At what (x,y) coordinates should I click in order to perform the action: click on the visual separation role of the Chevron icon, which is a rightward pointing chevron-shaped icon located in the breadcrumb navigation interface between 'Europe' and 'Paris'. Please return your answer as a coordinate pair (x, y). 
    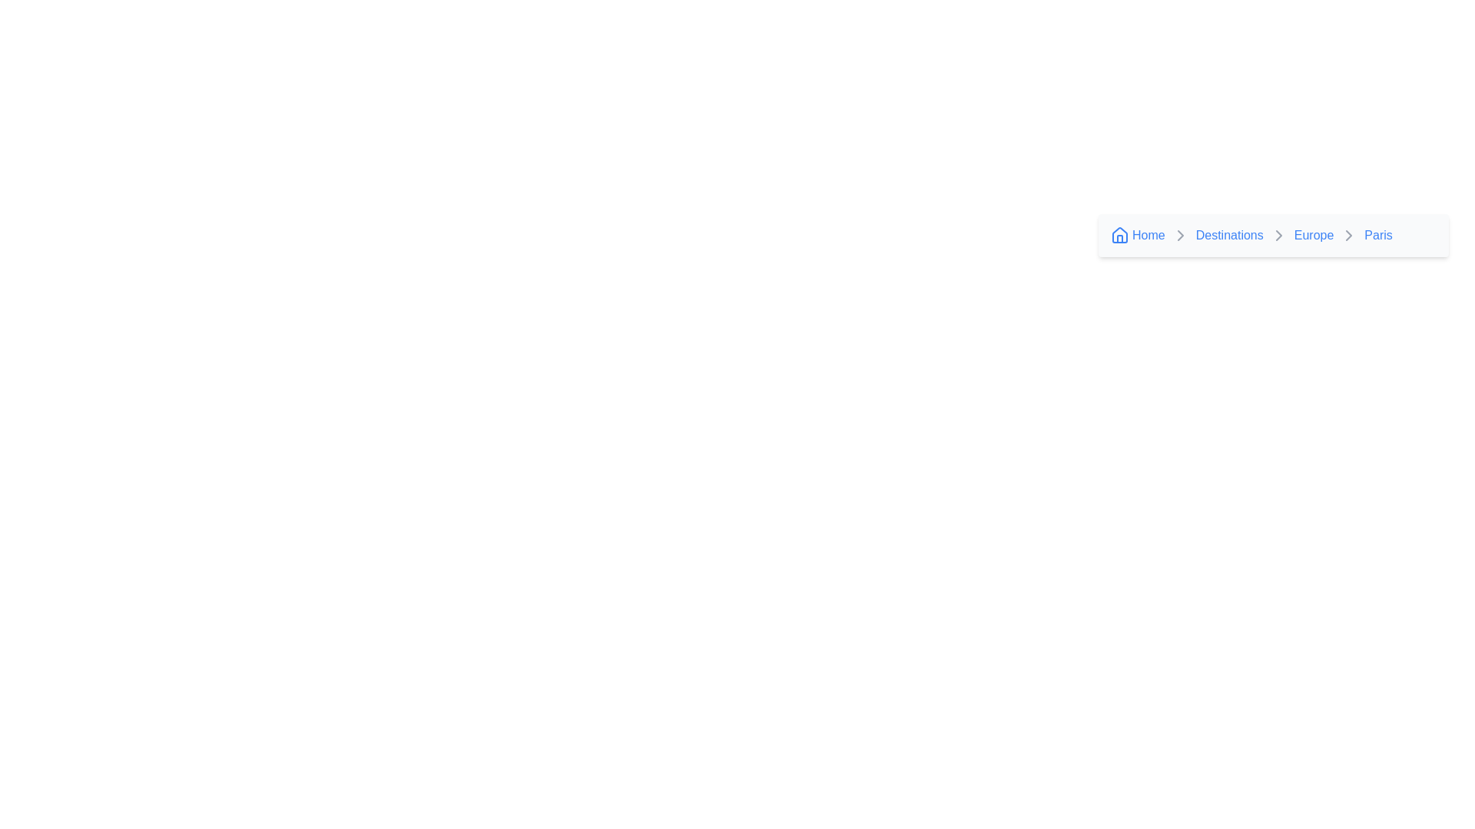
    Looking at the image, I should click on (1348, 236).